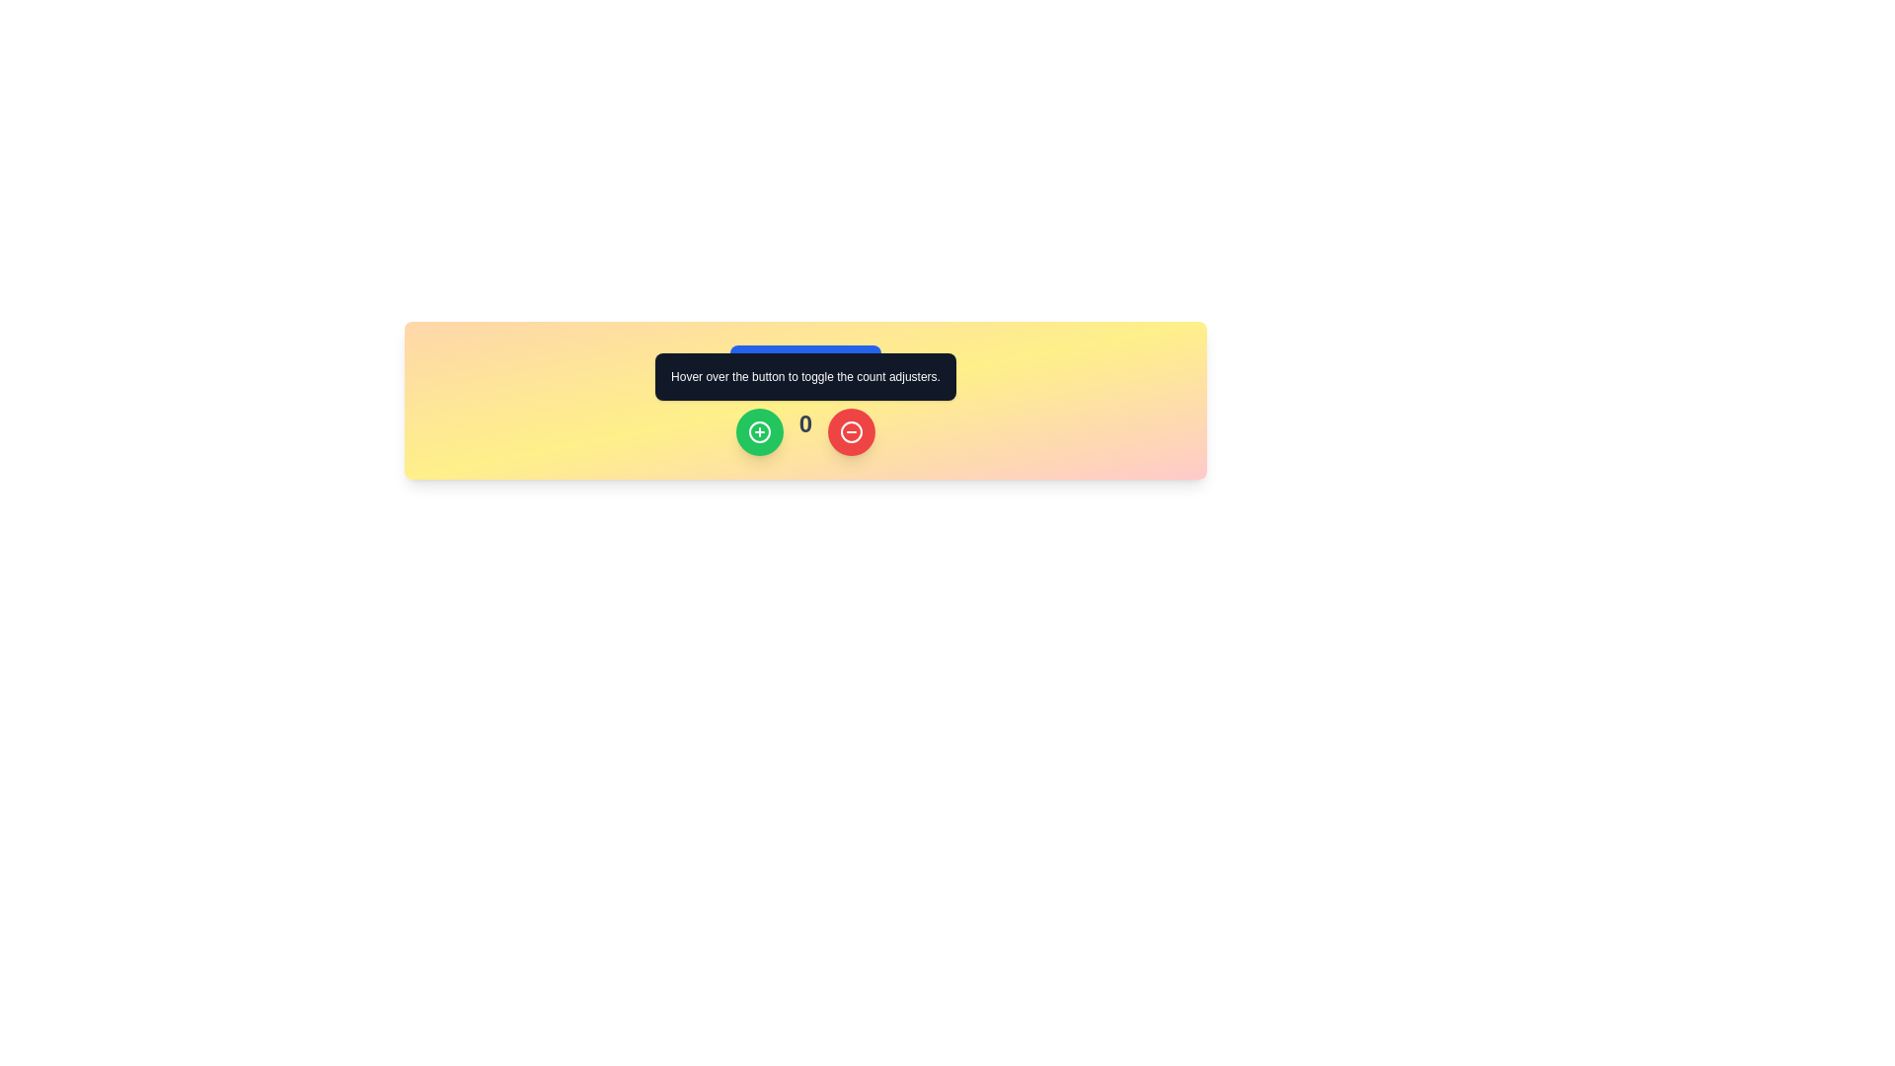 The height and width of the screenshot is (1066, 1895). I want to click on the static text element displaying '0', which is styled with a bold, gray-colored large font and is centered between a green circular button and a red circular button, so click(805, 431).